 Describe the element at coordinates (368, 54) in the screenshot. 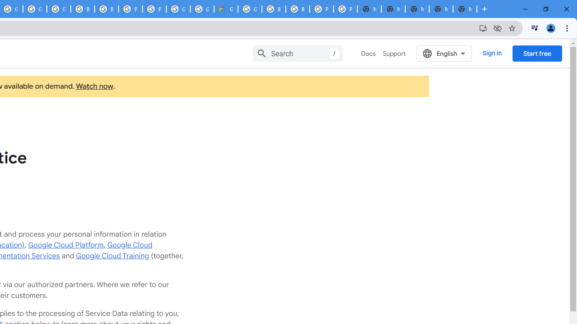

I see `'Docs'` at that location.